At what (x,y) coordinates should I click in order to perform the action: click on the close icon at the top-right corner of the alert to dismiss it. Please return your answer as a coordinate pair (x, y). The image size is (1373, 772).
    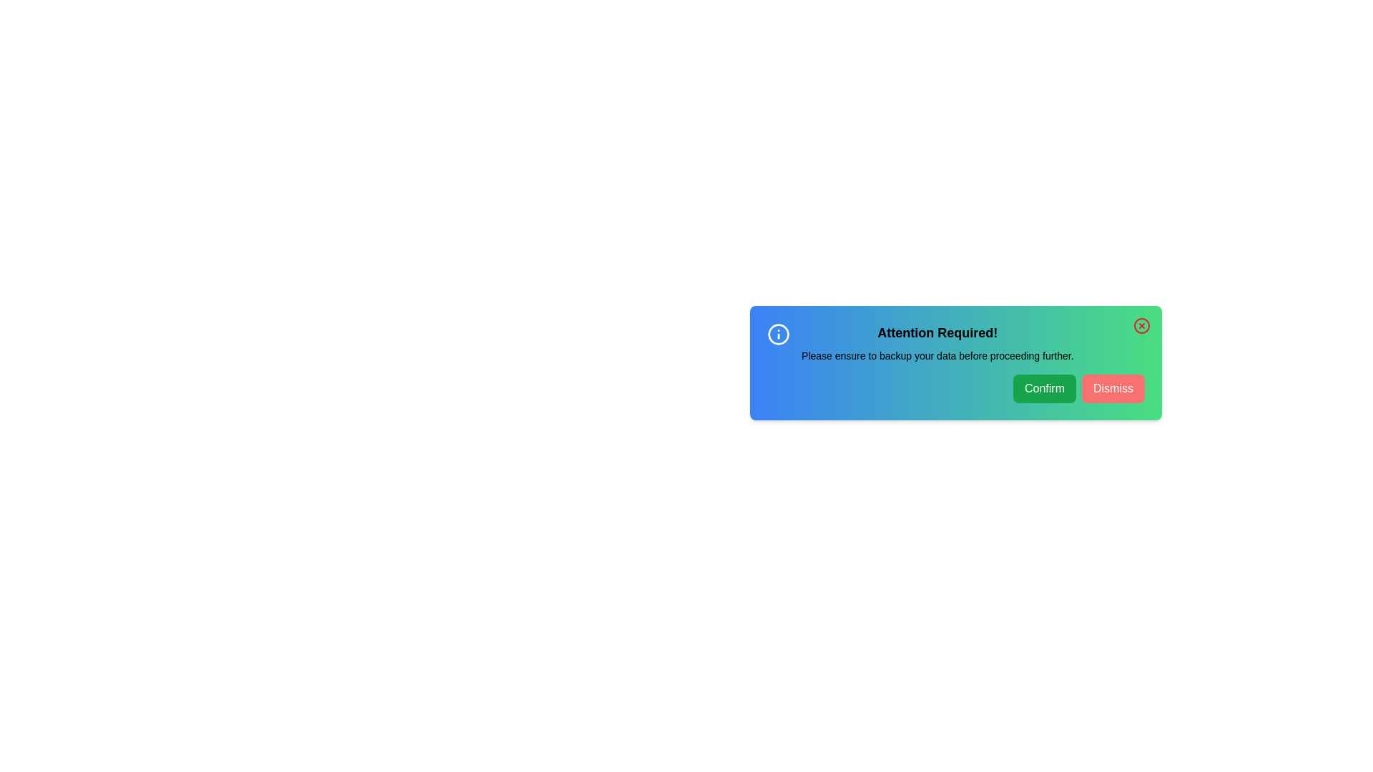
    Looking at the image, I should click on (1141, 325).